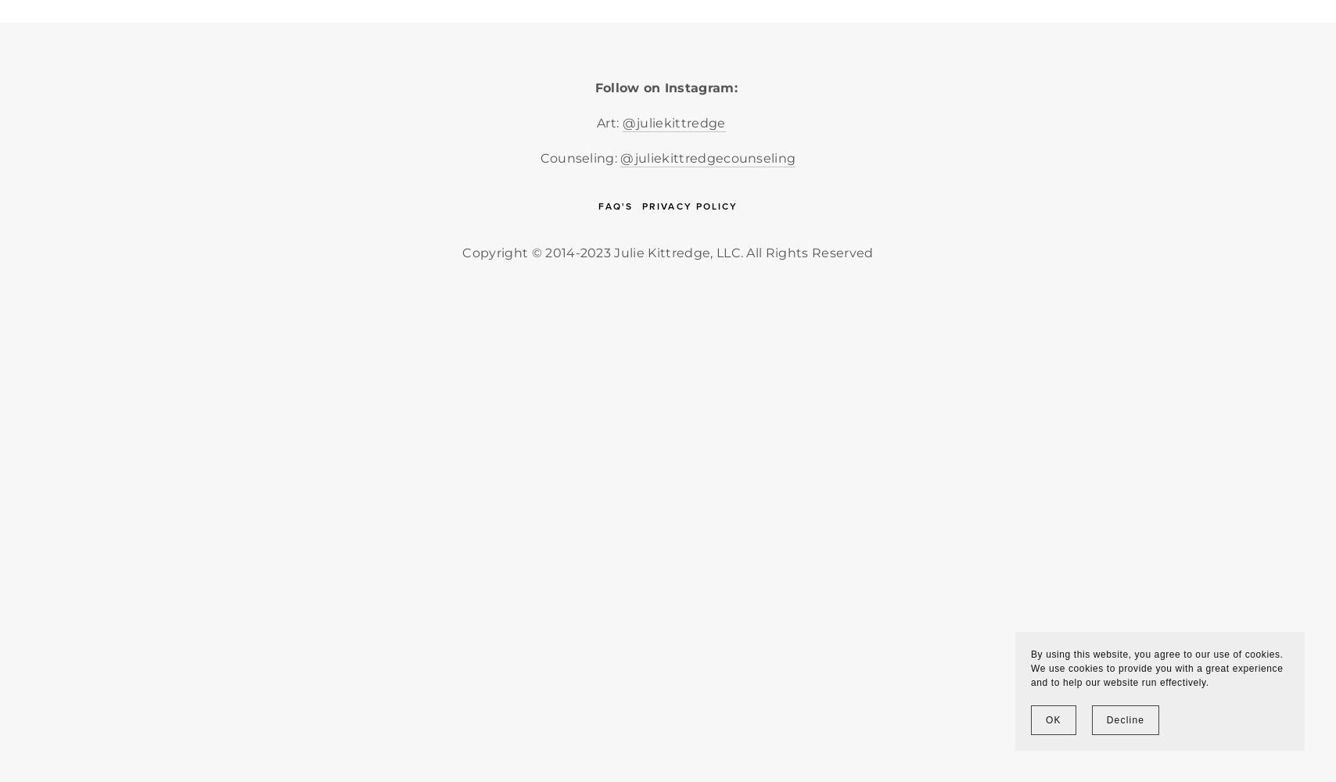  I want to click on 'Decline', so click(1125, 720).